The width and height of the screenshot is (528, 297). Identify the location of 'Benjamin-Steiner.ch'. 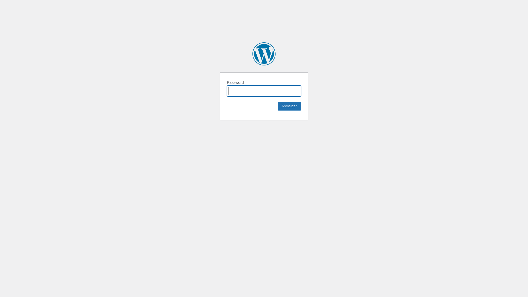
(264, 54).